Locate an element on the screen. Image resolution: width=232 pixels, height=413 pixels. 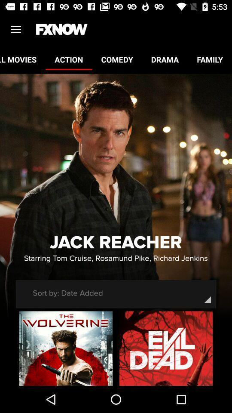
the icon next to the drama icon is located at coordinates (116, 59).